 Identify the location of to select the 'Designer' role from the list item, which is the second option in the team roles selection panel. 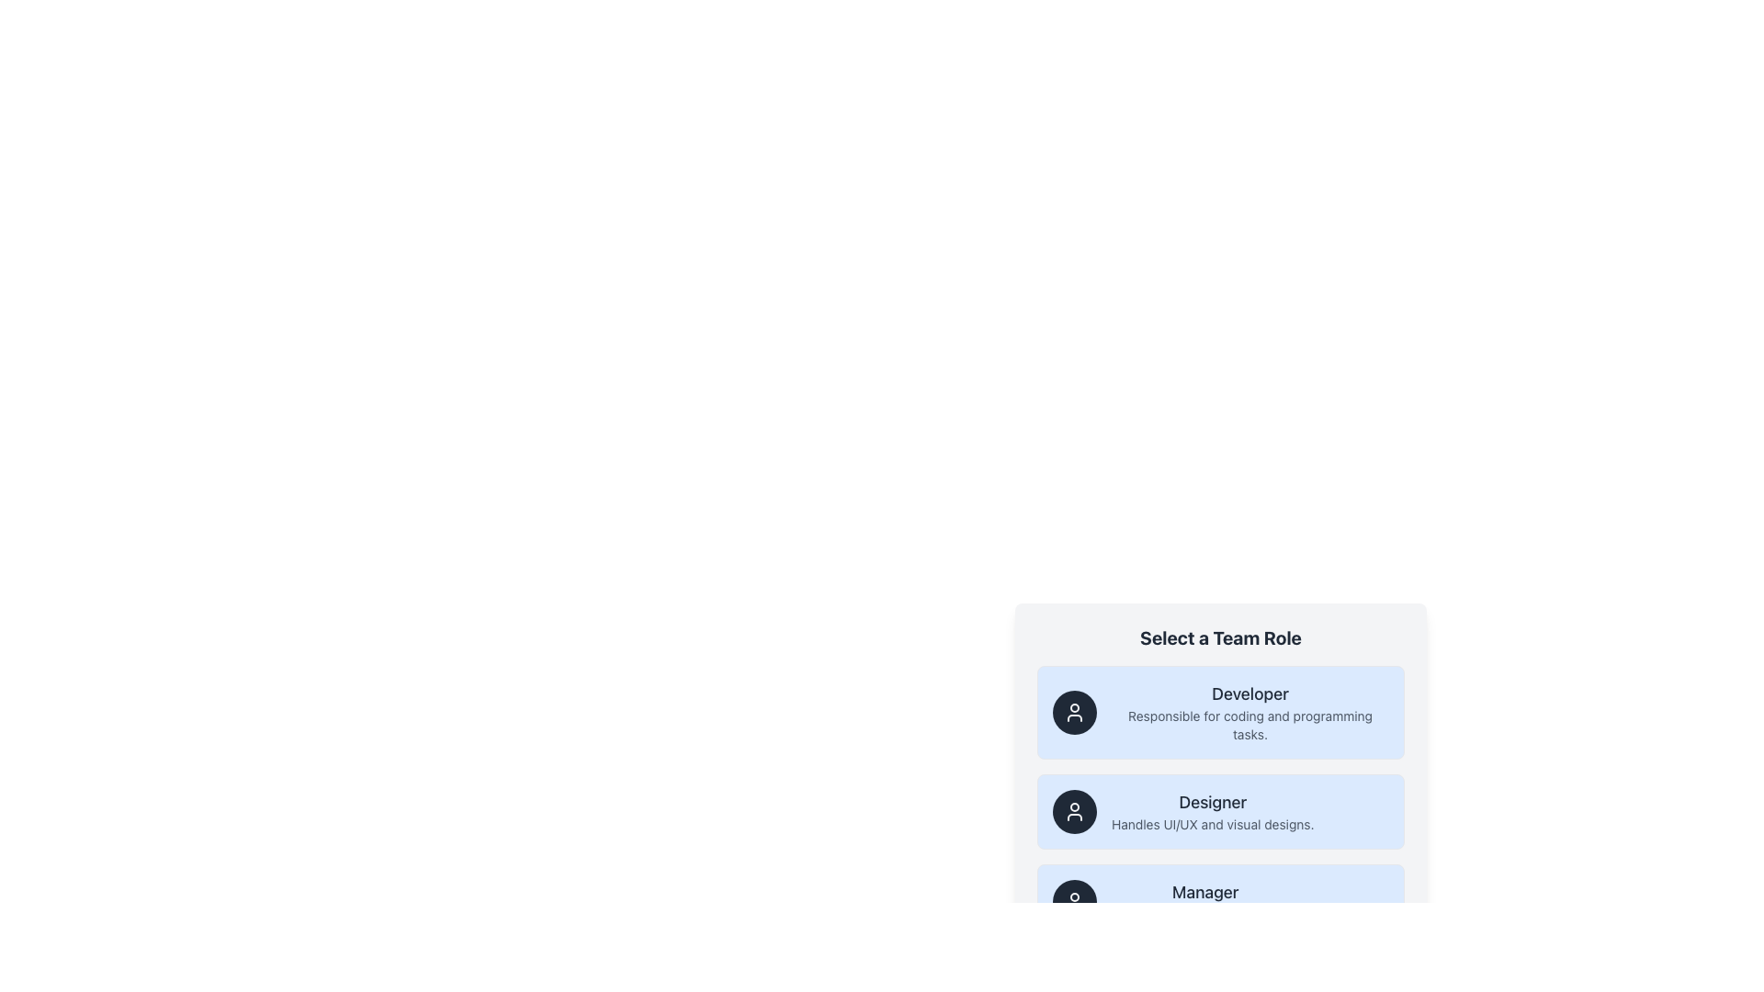
(1221, 783).